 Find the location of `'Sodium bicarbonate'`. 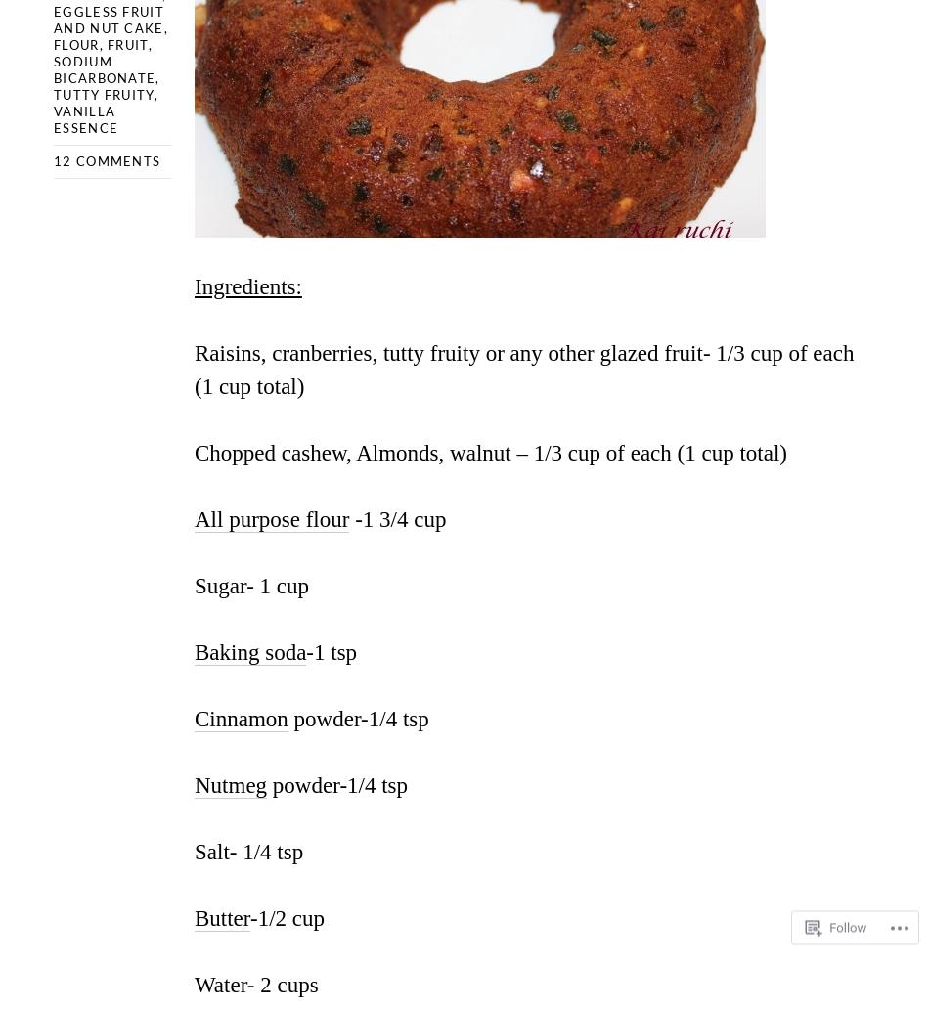

'Sodium bicarbonate' is located at coordinates (104, 68).